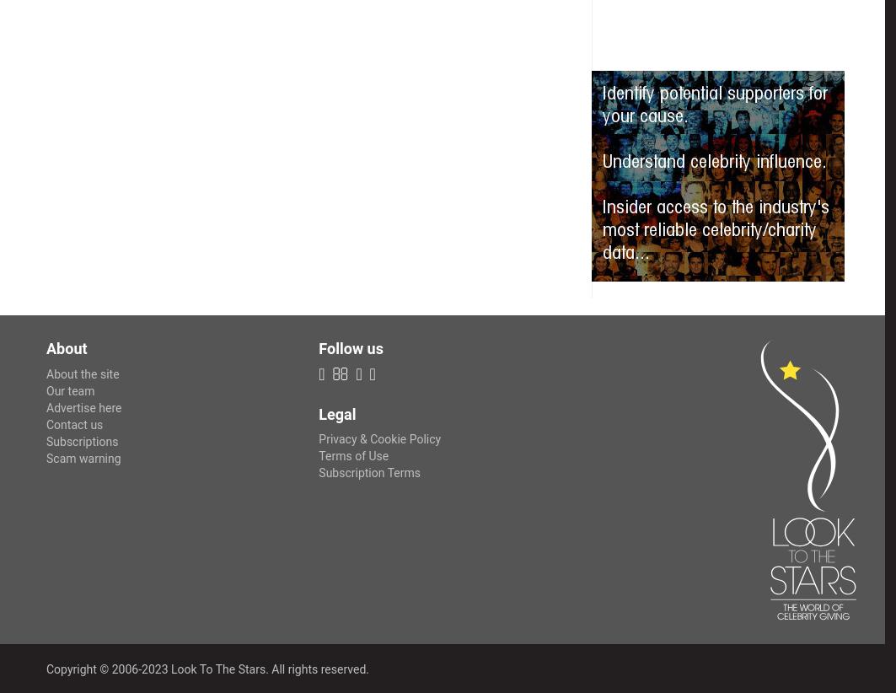 This screenshot has height=693, width=896. I want to click on 'Follow us', so click(350, 346).